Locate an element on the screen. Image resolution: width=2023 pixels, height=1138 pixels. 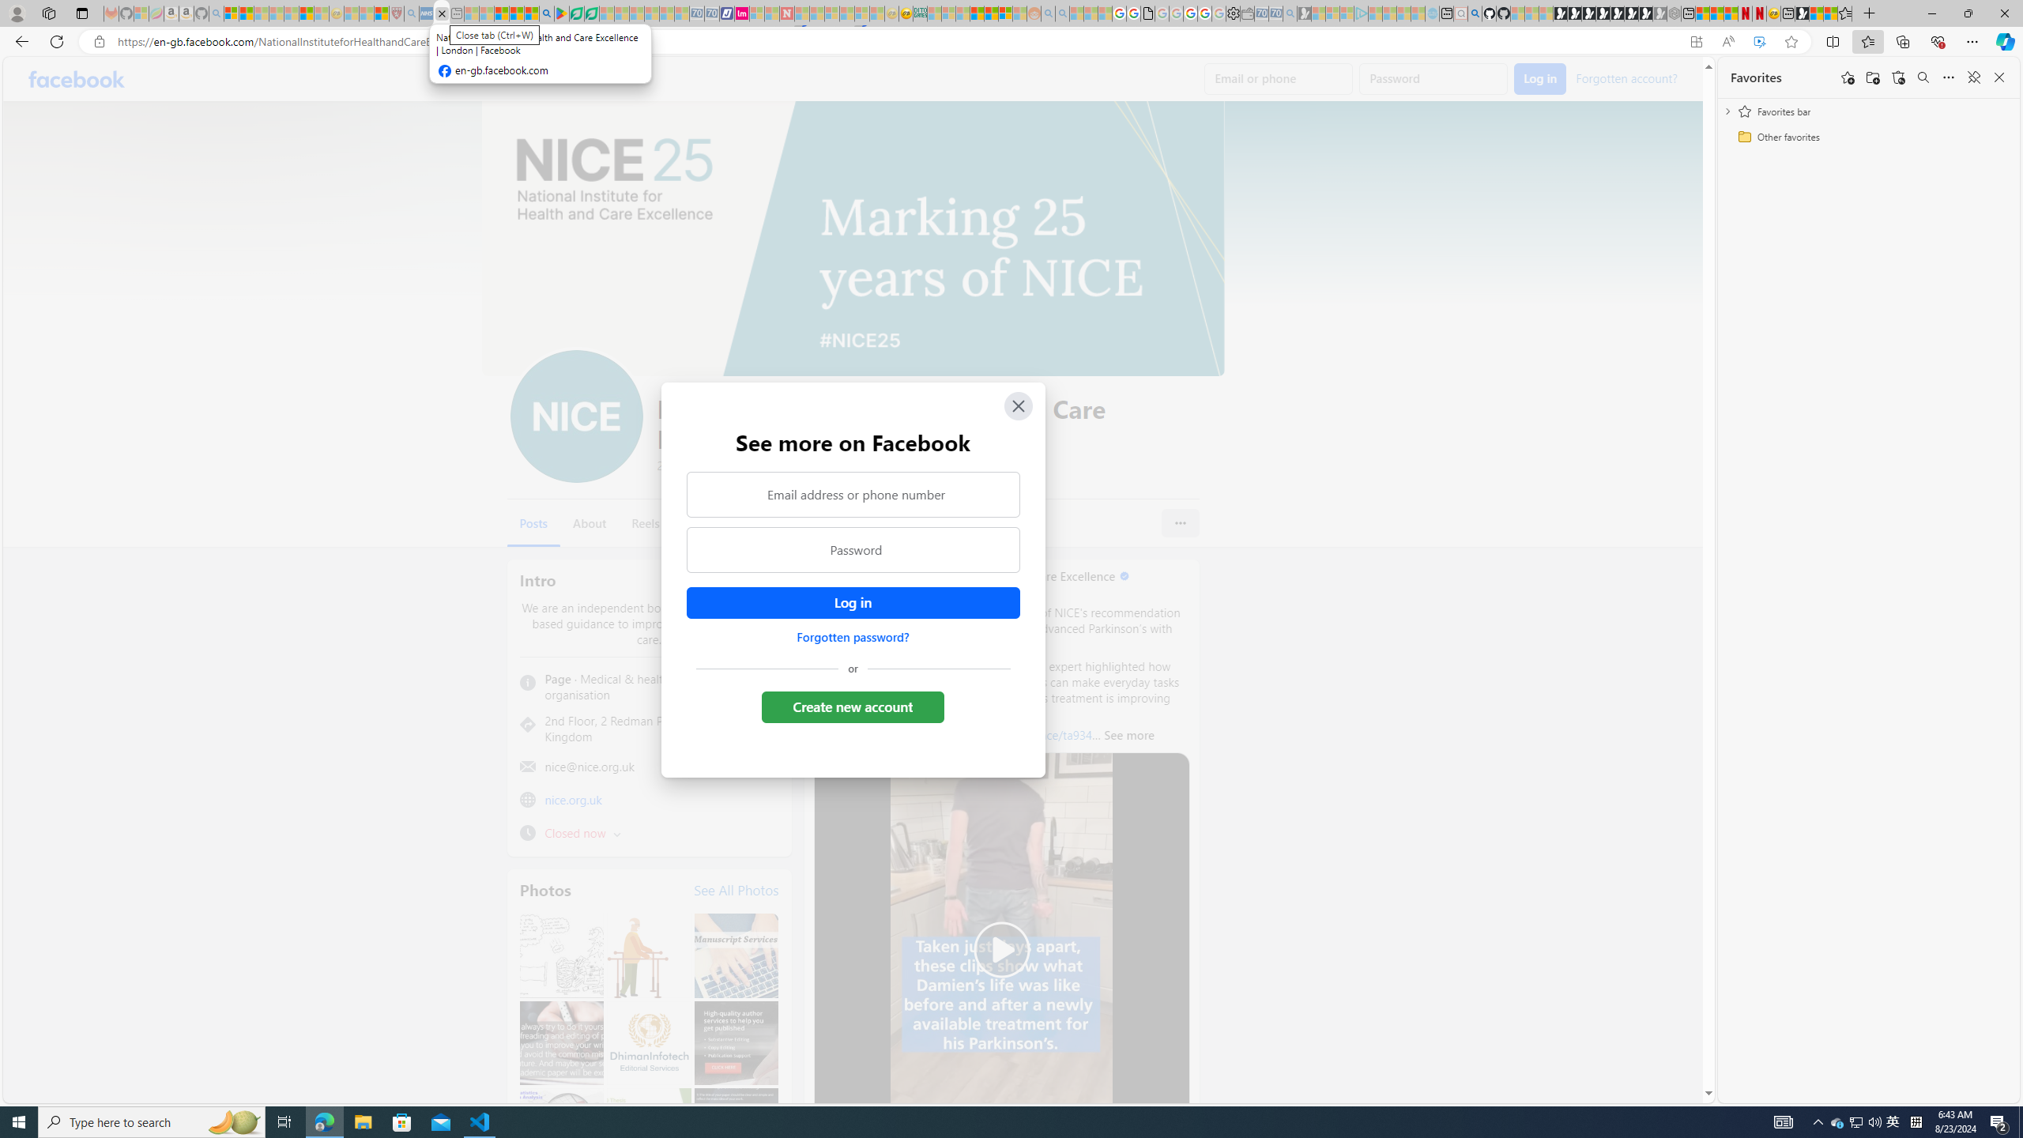
'Unpin favorites' is located at coordinates (1972, 76).